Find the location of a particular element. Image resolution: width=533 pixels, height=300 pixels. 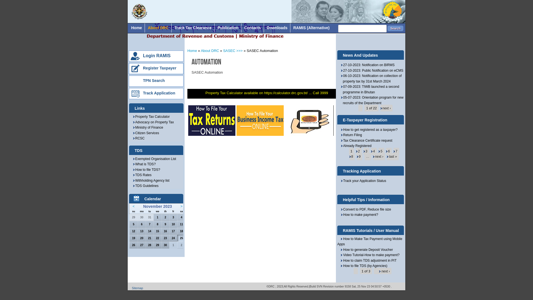

'Video Tutorial-How to make payment?' is located at coordinates (368, 255).